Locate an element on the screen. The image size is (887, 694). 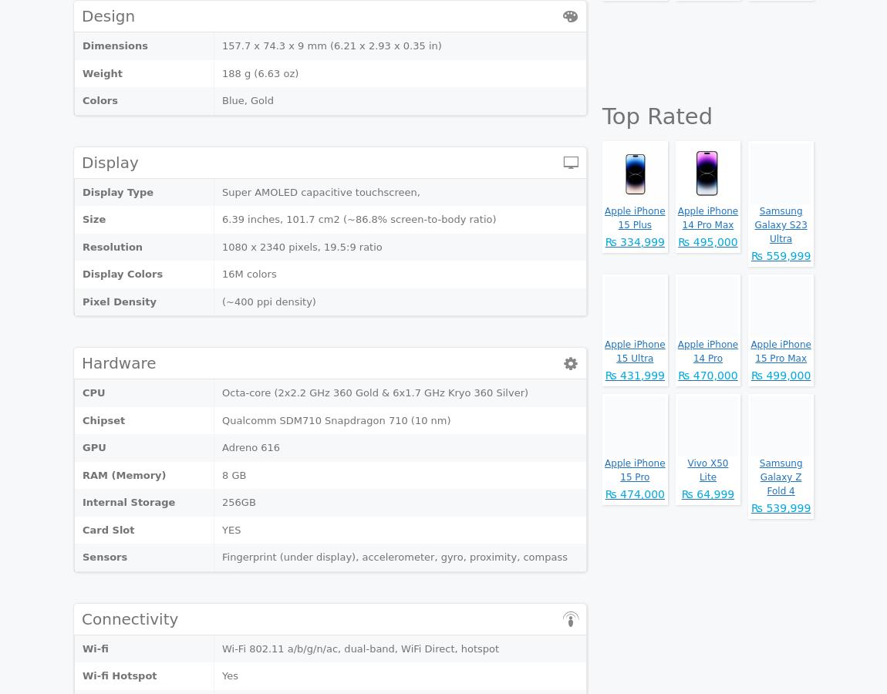
'Samsung Galaxy S23 Ultra' is located at coordinates (781, 224).